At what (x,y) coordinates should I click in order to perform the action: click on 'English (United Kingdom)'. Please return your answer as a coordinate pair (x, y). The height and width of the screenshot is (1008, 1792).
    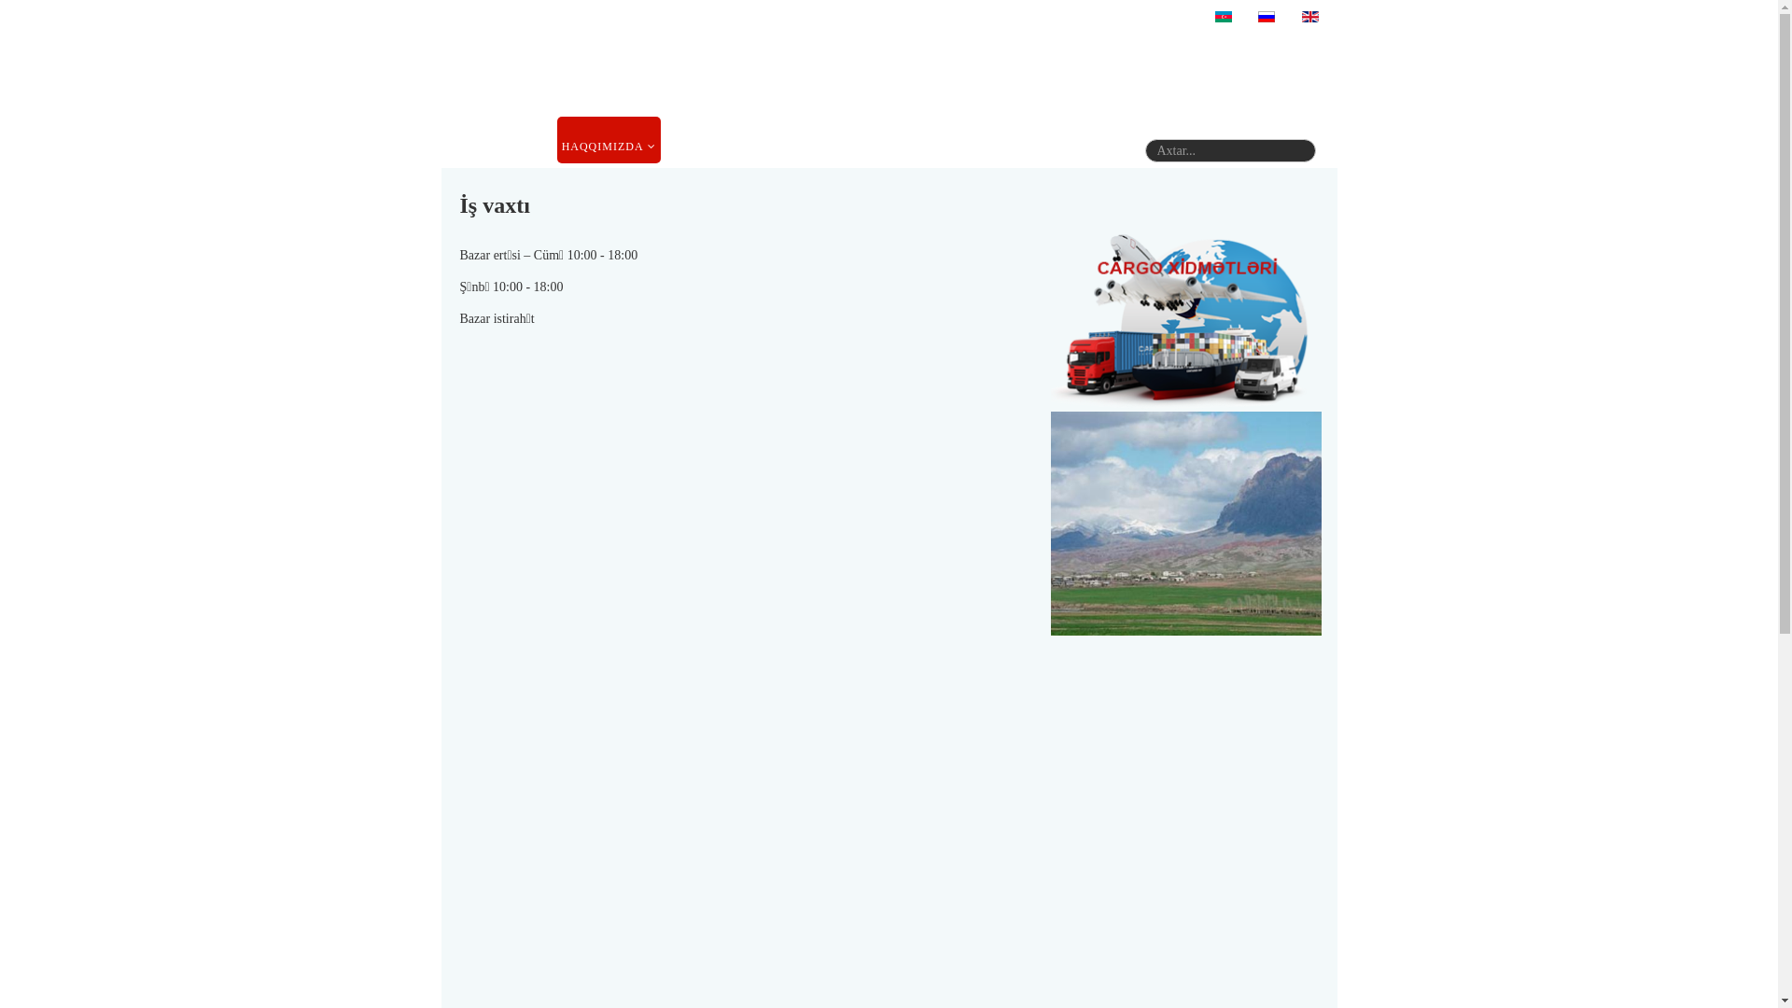
    Looking at the image, I should click on (1299, 17).